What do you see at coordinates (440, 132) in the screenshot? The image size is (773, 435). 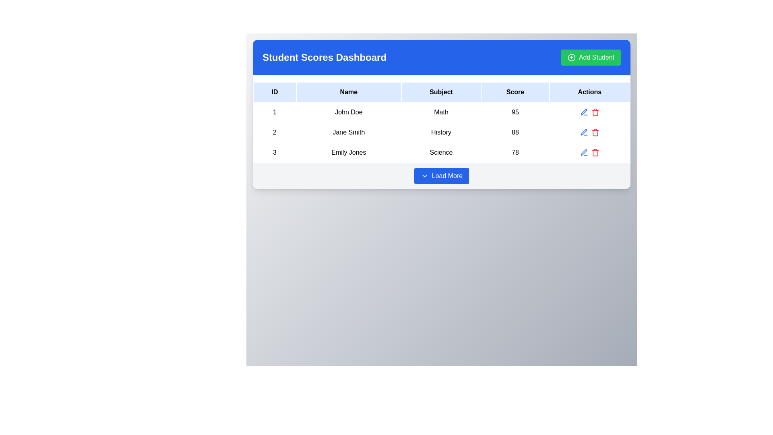 I see `the static text field displaying the subject data in the third column of the second row of the table, which is located between 'Jane Smith' and '88'` at bounding box center [440, 132].